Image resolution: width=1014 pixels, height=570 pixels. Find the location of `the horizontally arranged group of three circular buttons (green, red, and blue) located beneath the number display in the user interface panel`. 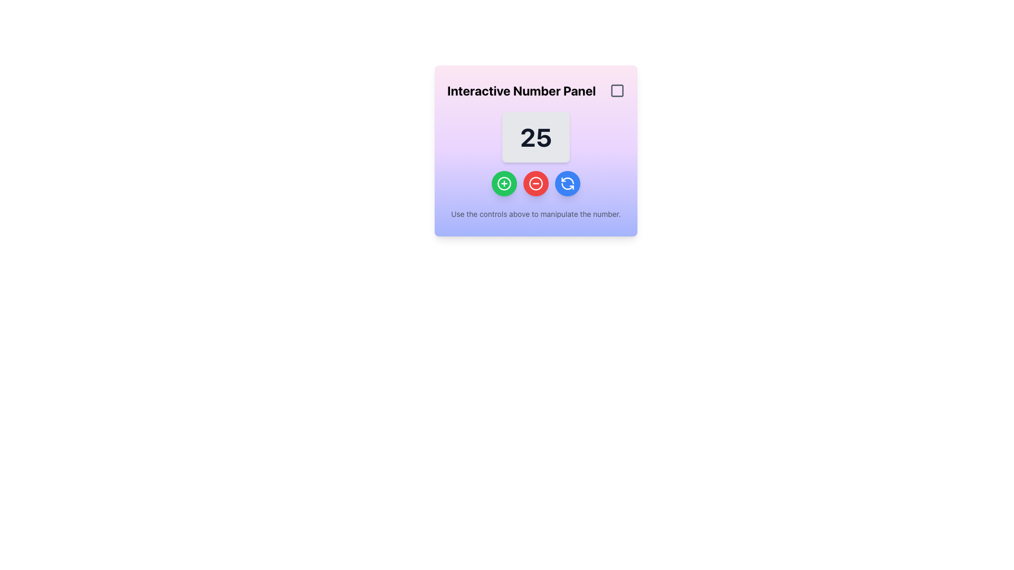

the horizontally arranged group of three circular buttons (green, red, and blue) located beneath the number display in the user interface panel is located at coordinates (536, 183).